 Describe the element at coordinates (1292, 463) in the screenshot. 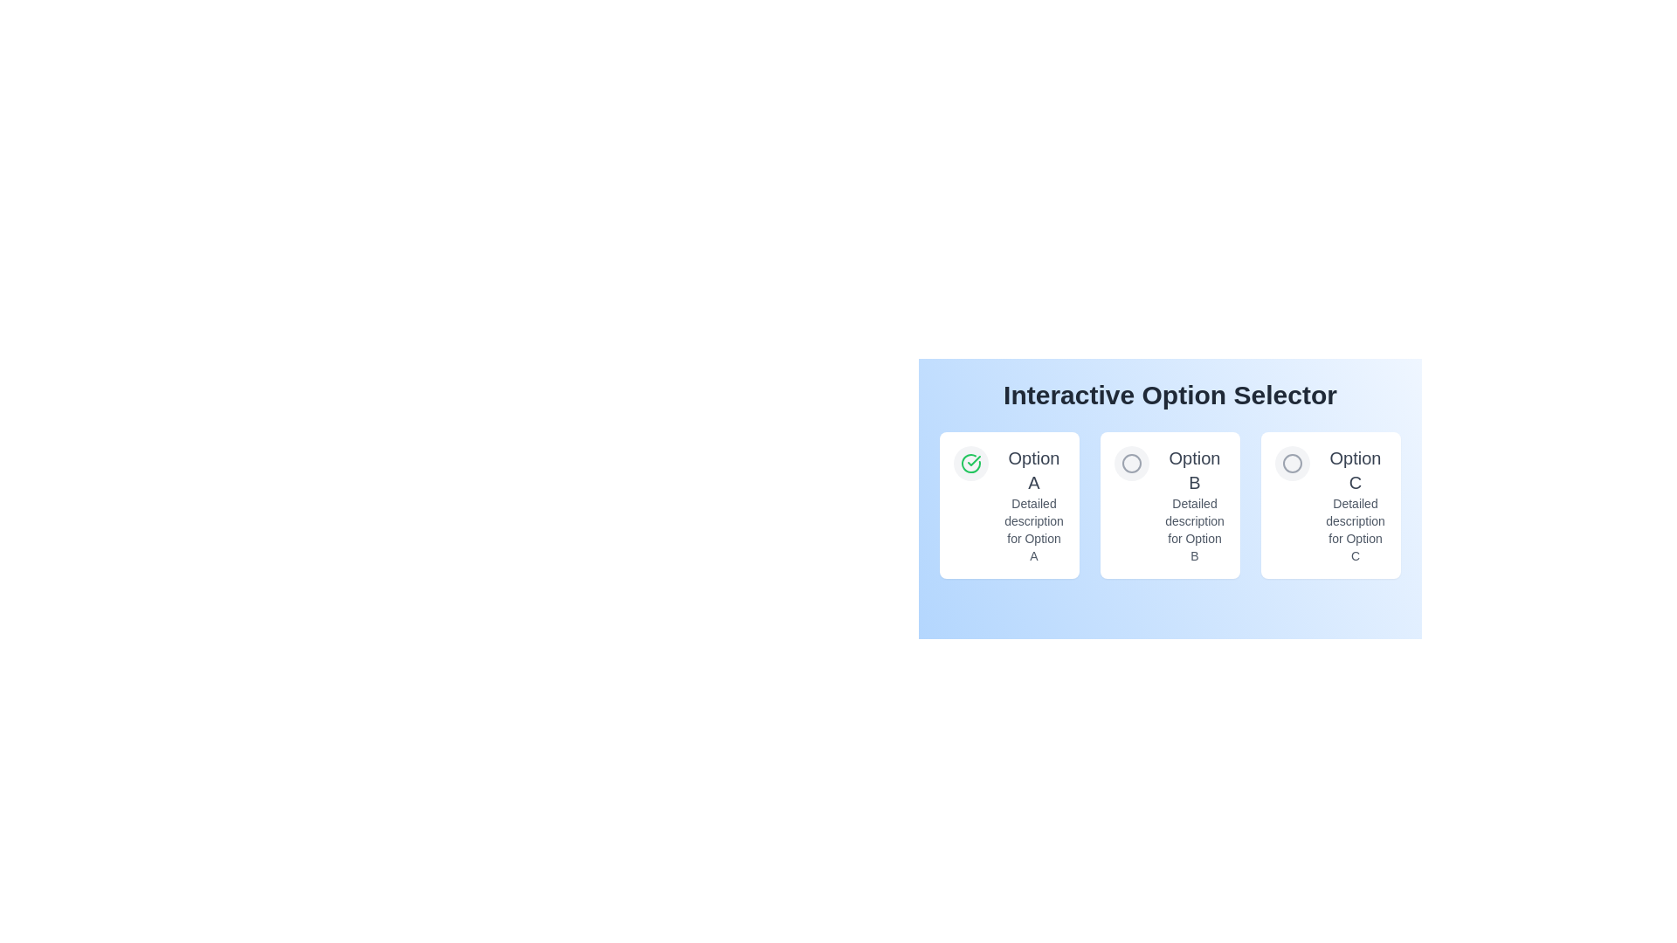

I see `the radio button for 'Option C', which is centered in the third card of the 'Interactive Option Selector' section, to provide visual feedback` at that location.